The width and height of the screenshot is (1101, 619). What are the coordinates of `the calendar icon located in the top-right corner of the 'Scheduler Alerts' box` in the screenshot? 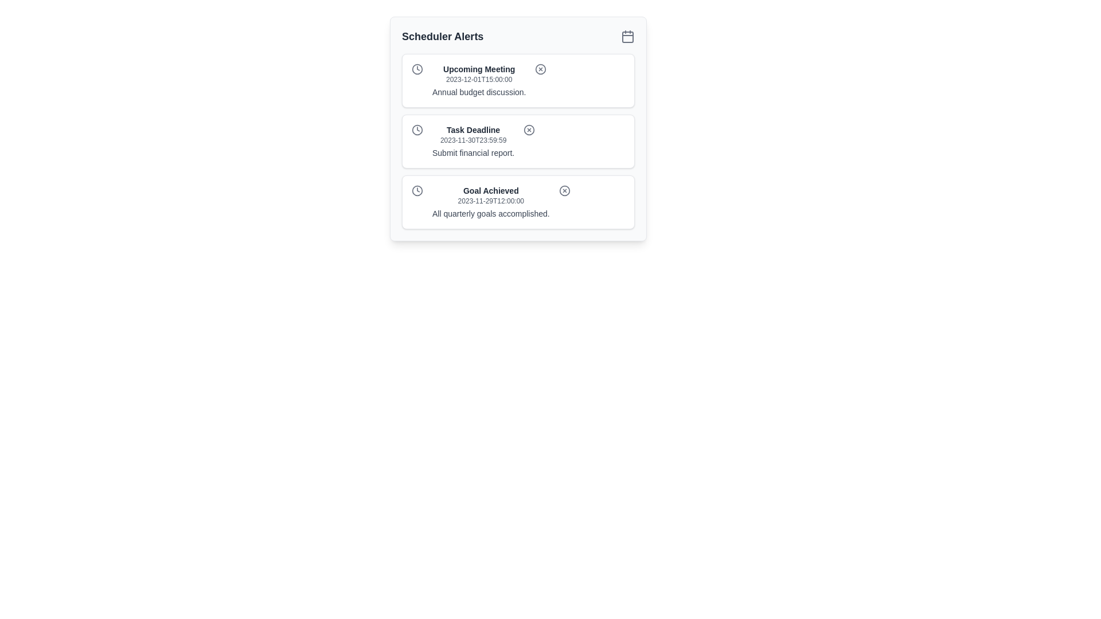 It's located at (627, 36).